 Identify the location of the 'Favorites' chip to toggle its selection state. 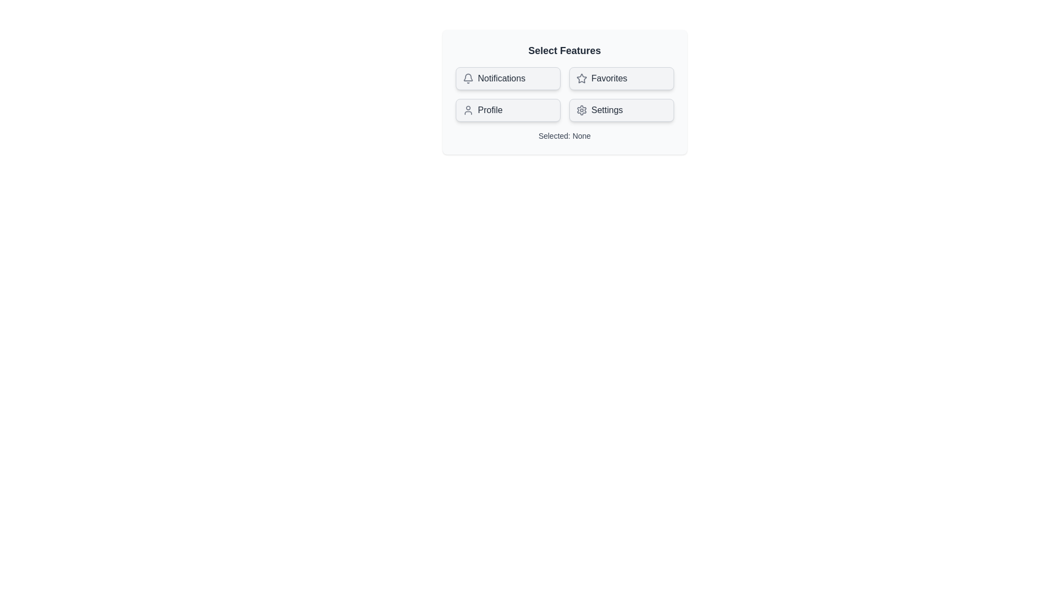
(621, 78).